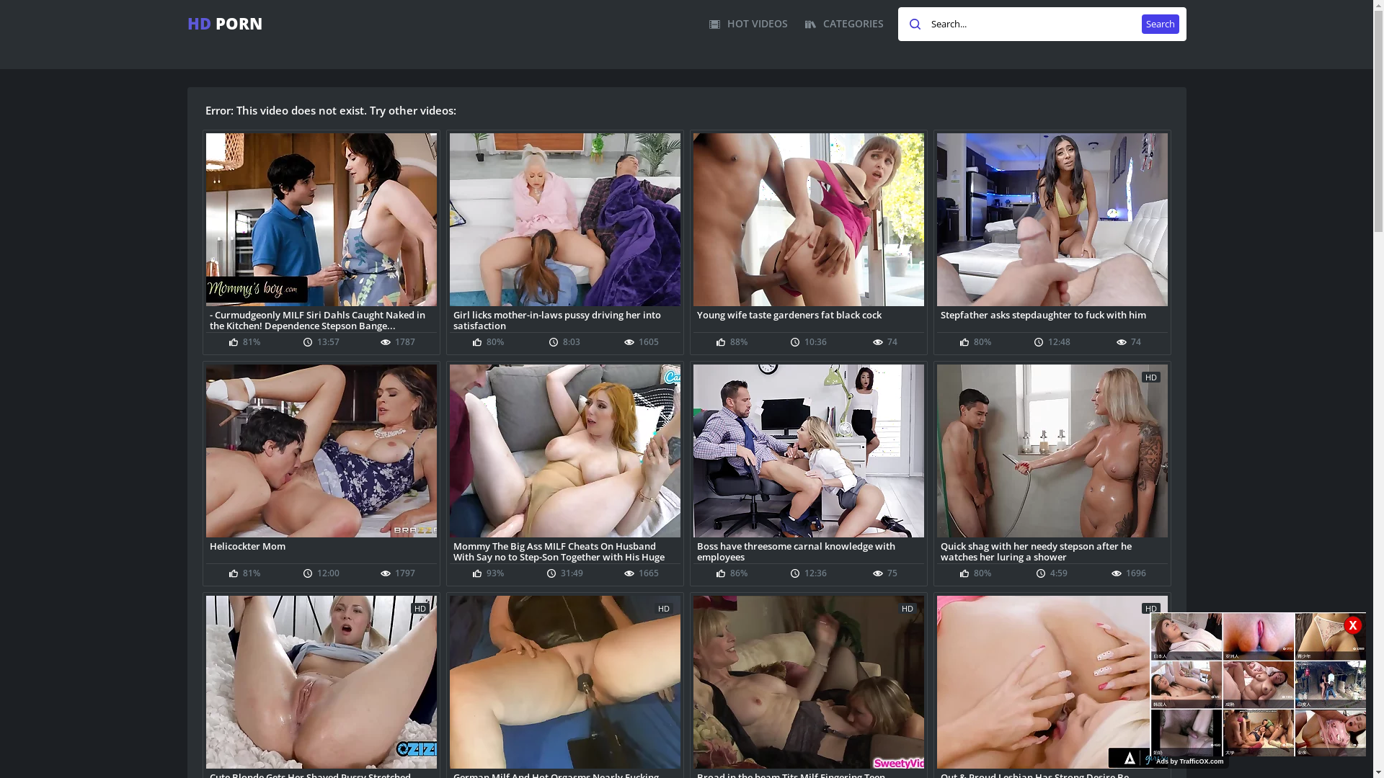  Describe the element at coordinates (709, 24) in the screenshot. I see `'HOT VIDEOS'` at that location.